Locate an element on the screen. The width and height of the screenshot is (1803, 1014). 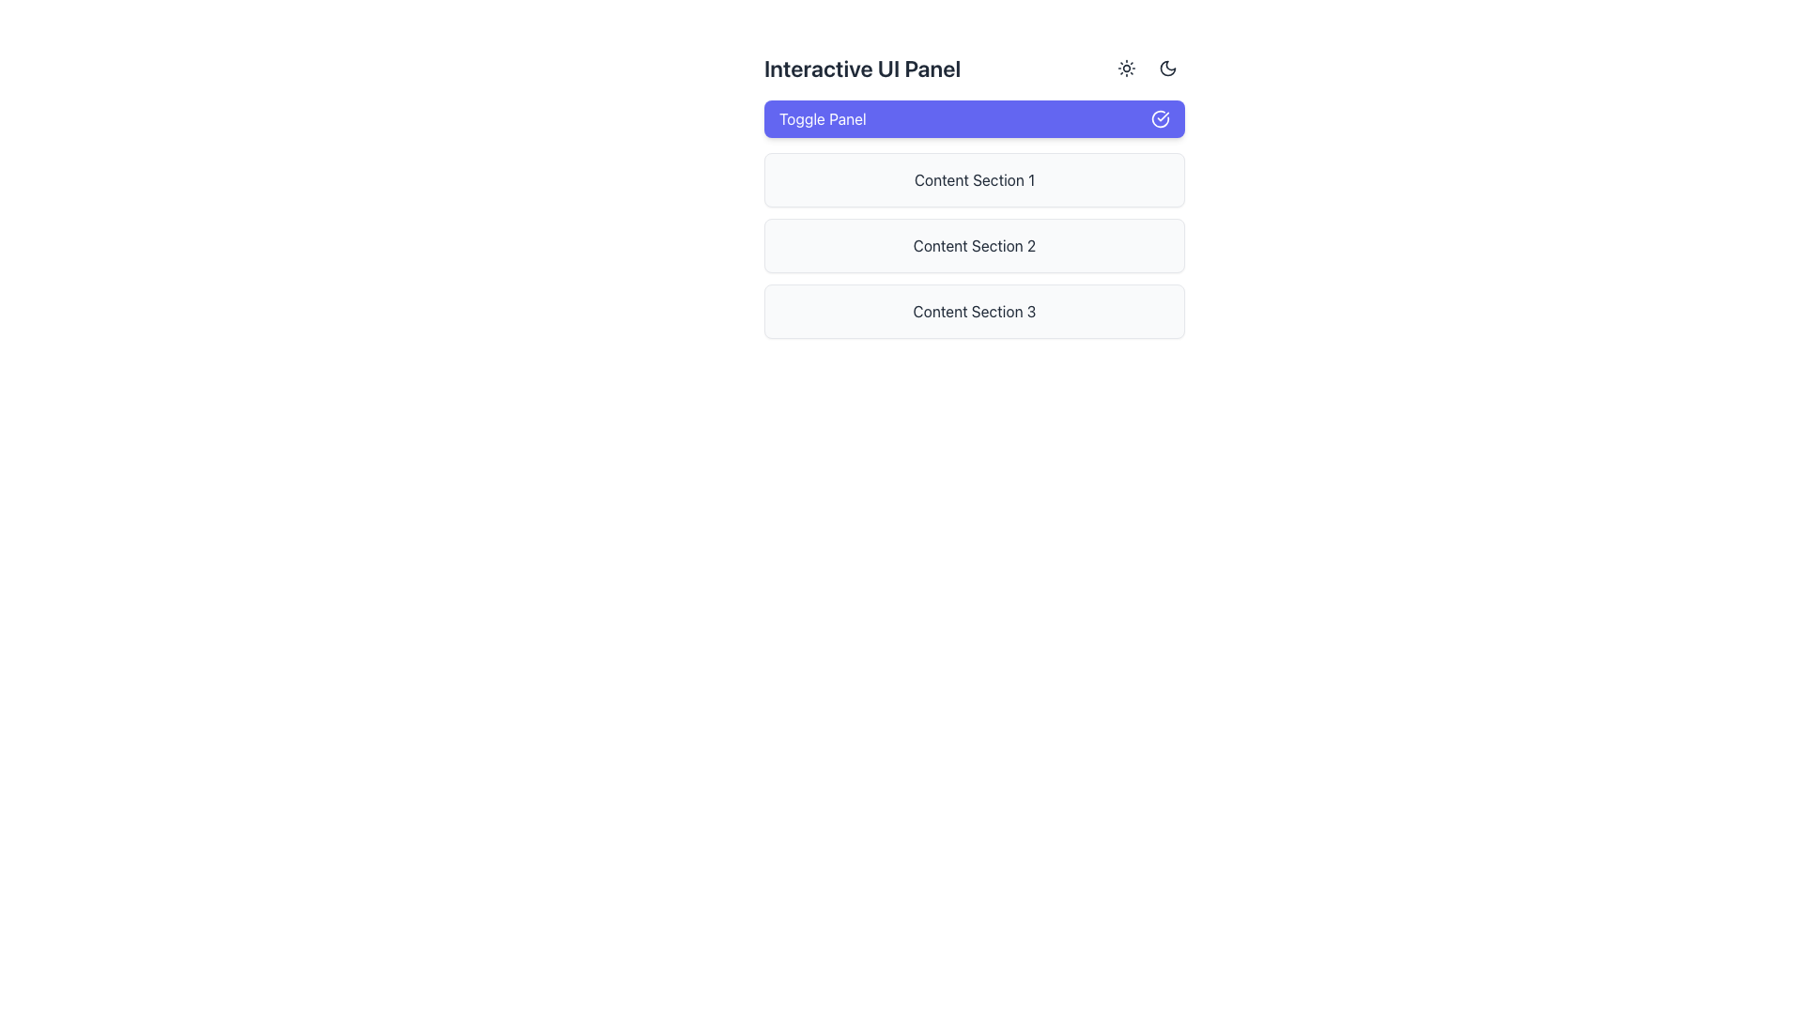
the toggle button represented by a moon icon located in the top-right section of the interface is located at coordinates (1166, 68).